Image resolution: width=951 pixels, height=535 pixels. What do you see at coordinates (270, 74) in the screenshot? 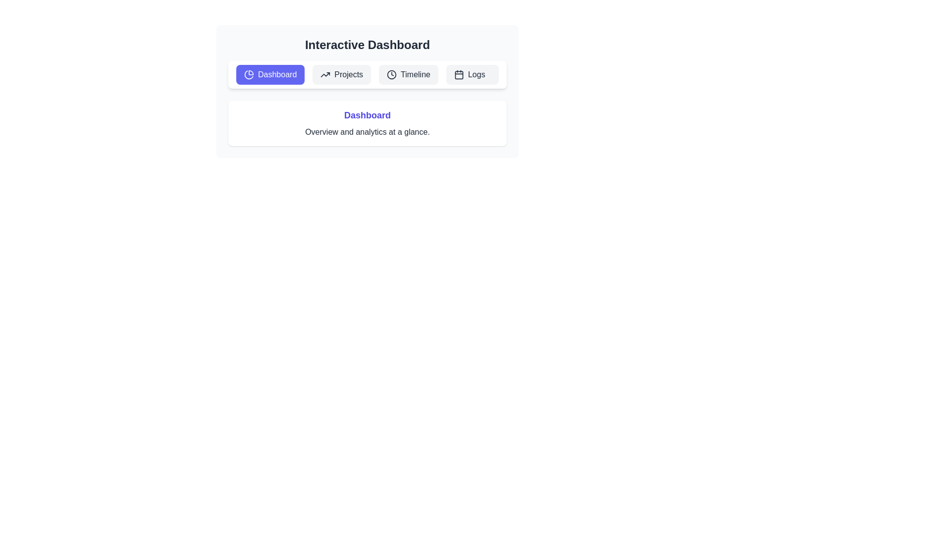
I see `the 'Dashboard' button, which has a blue background and white text` at bounding box center [270, 74].